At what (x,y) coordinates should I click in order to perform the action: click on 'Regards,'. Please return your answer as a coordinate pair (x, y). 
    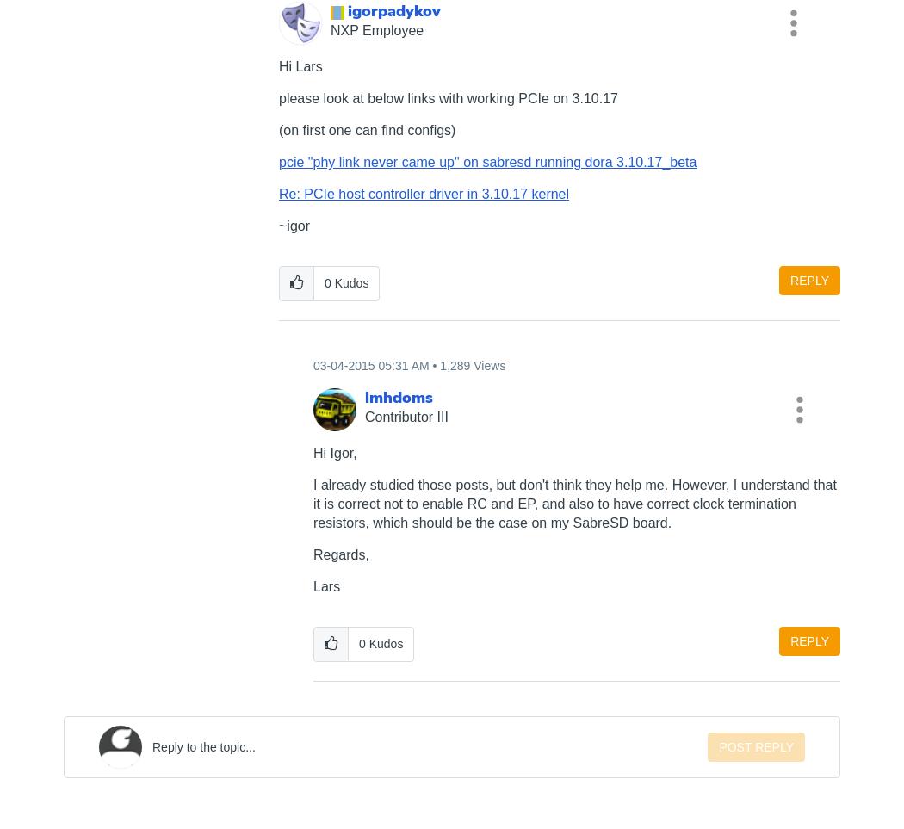
    Looking at the image, I should click on (340, 554).